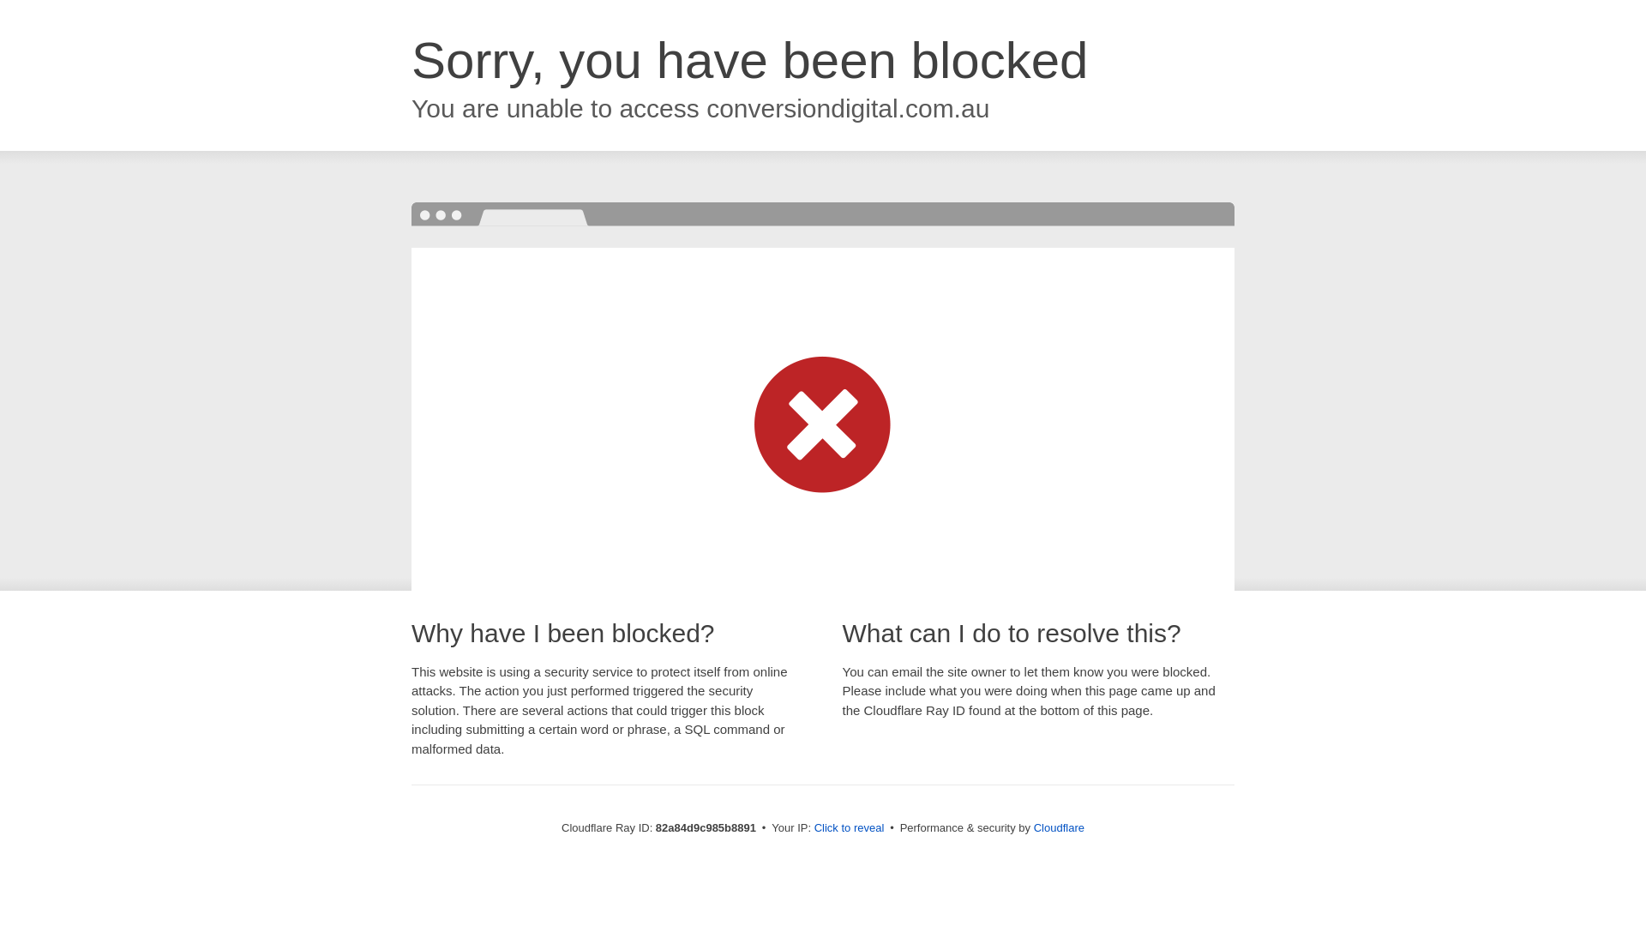 The image size is (1646, 926). Describe the element at coordinates (1058, 827) in the screenshot. I see `'Cloudflare'` at that location.